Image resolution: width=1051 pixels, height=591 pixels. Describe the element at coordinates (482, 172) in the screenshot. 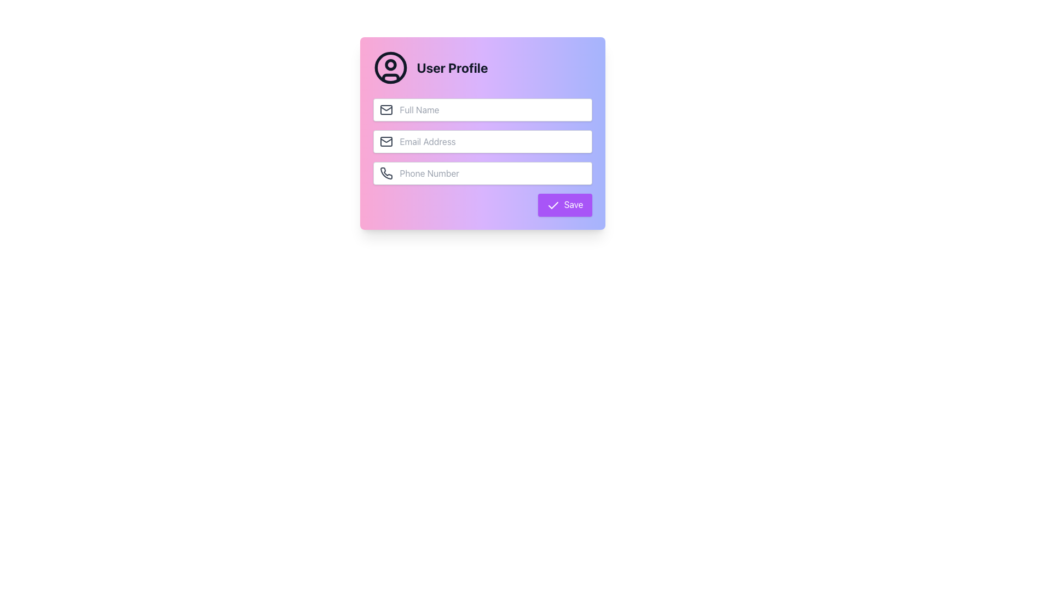

I see `to focus on the phone number input field, which is the third input field in the form, located below the 'Email Address' field and above the 'Save' button` at that location.